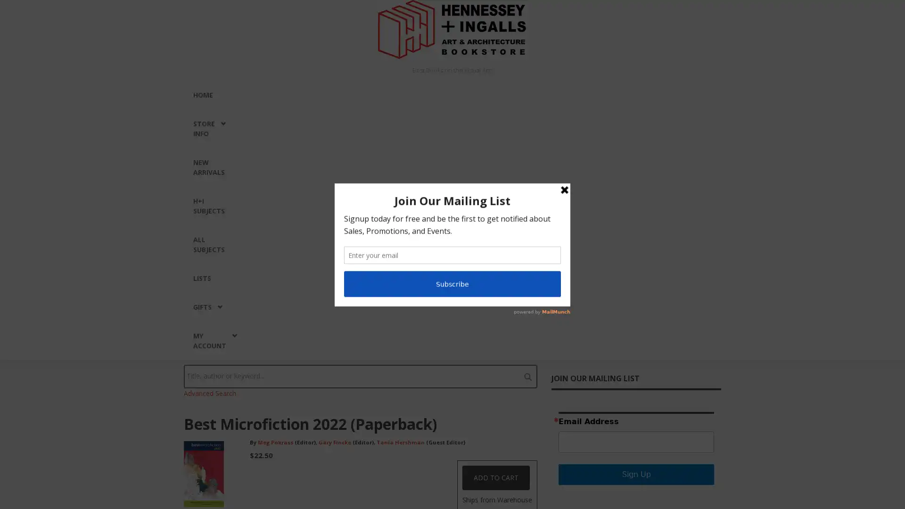 This screenshot has height=509, width=905. I want to click on search, so click(527, 376).